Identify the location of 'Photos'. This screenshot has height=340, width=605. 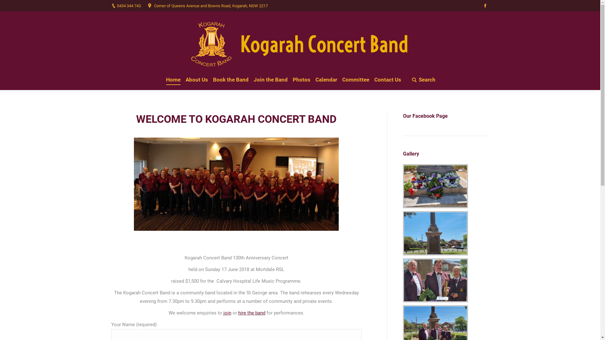
(301, 79).